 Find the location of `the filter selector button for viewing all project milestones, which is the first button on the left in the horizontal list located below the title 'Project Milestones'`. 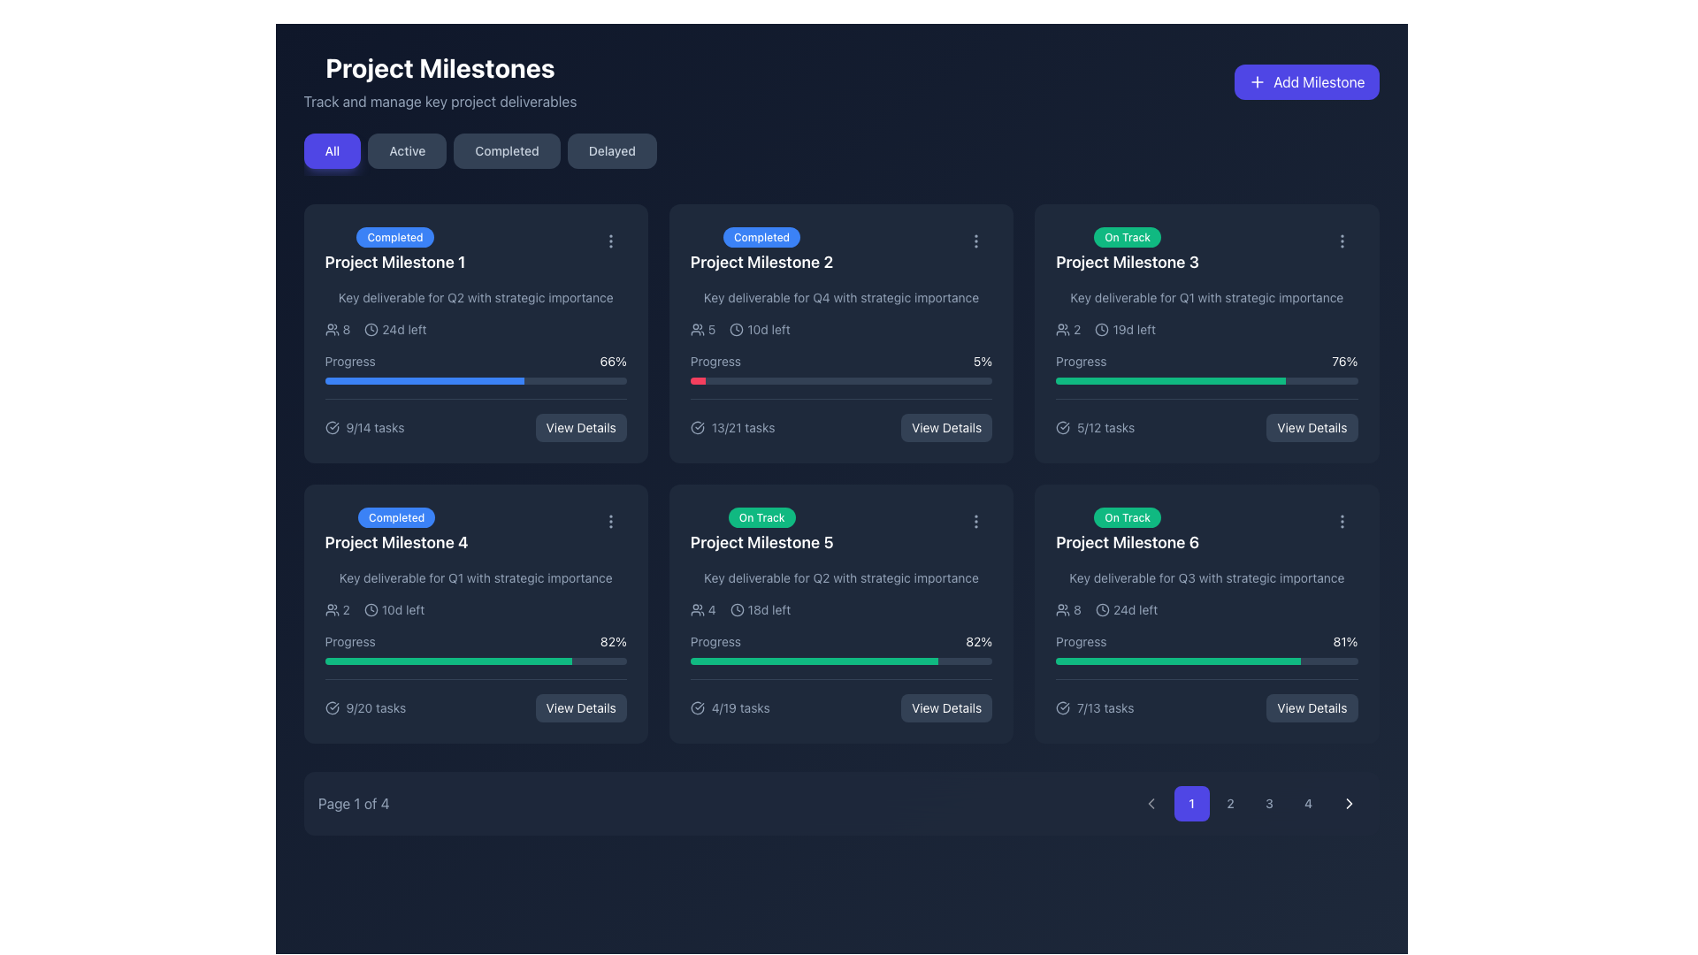

the filter selector button for viewing all project milestones, which is the first button on the left in the horizontal list located below the title 'Project Milestones' is located at coordinates (332, 149).